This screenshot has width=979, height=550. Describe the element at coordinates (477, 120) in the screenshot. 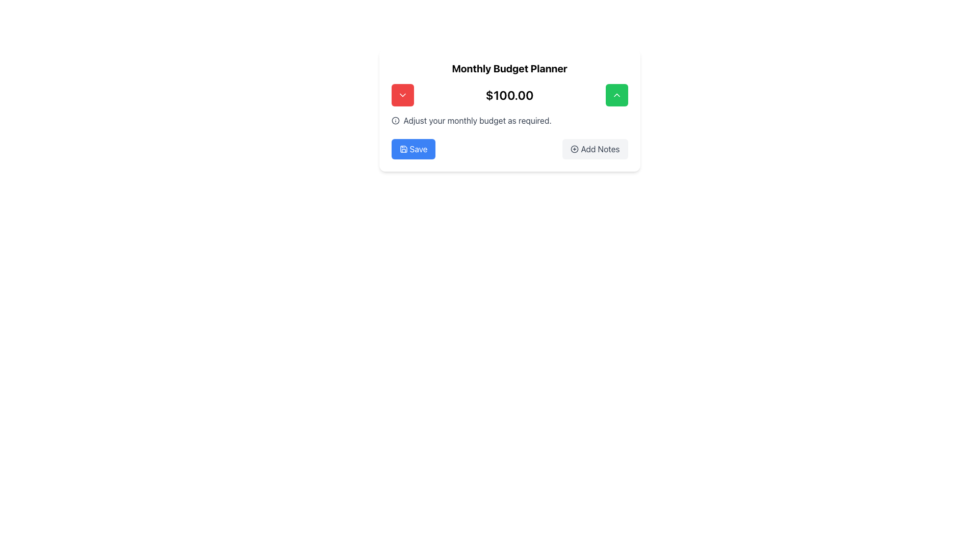

I see `guidance text located below the monetary value display of '$100.00' in the 'Monthly Budget Planner' section, which suggests modifying the monthly budget based on necessity` at that location.